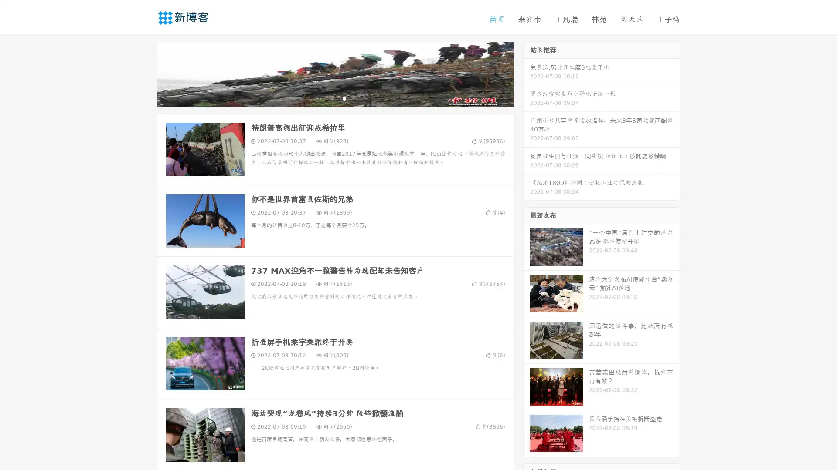 This screenshot has width=837, height=470. What do you see at coordinates (344, 98) in the screenshot?
I see `Go to slide 3` at bounding box center [344, 98].